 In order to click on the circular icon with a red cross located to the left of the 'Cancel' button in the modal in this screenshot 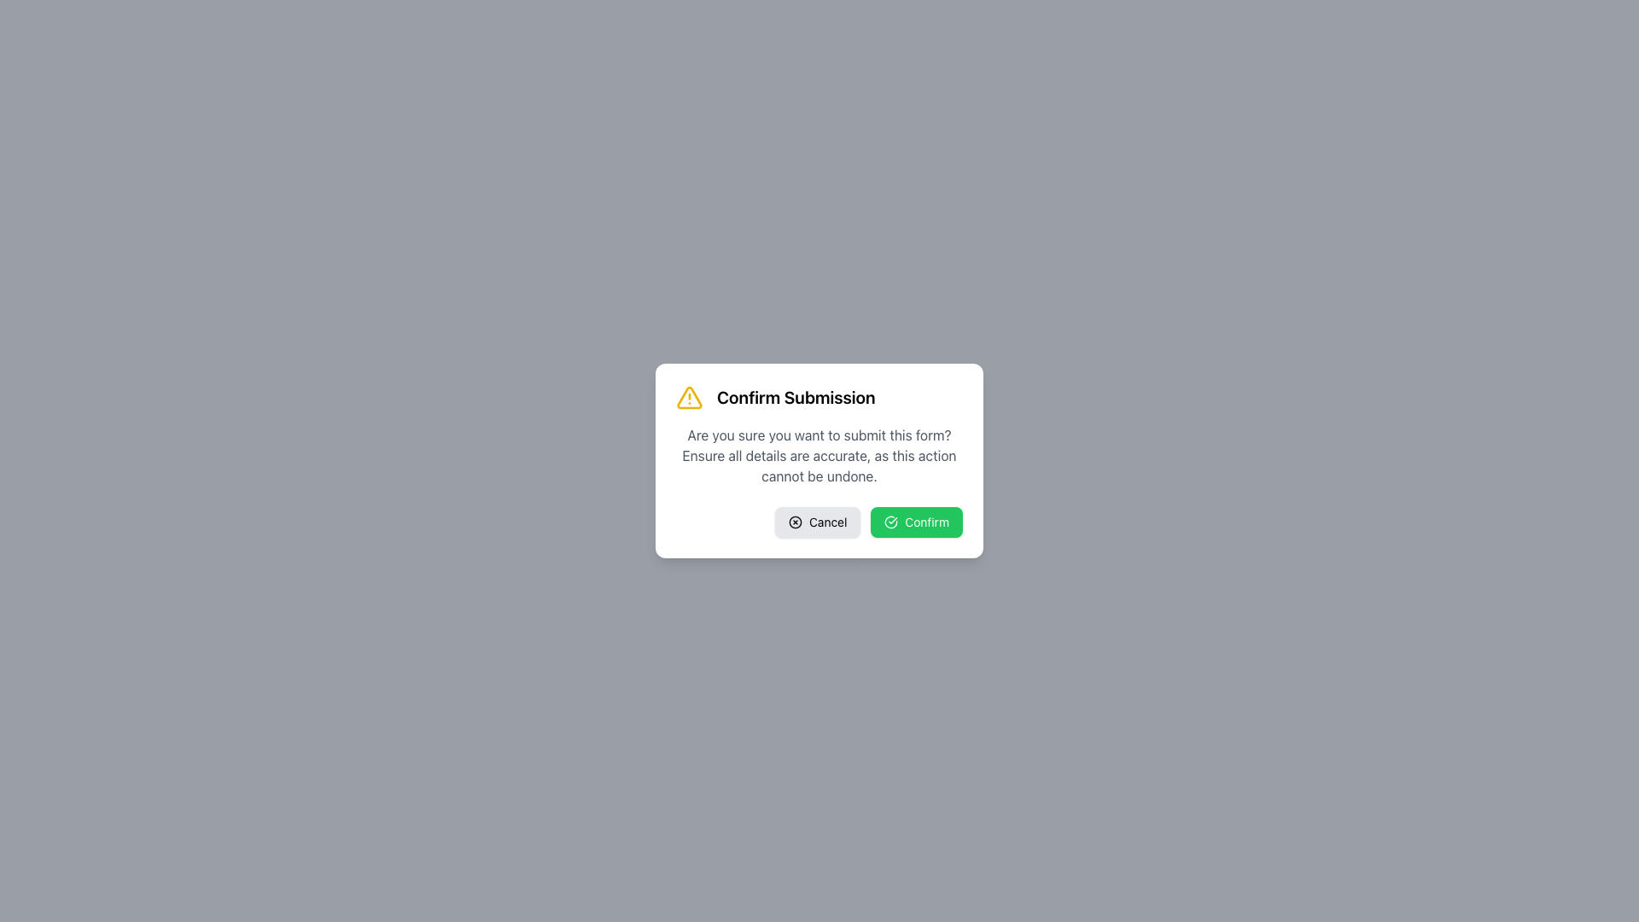, I will do `click(794, 522)`.